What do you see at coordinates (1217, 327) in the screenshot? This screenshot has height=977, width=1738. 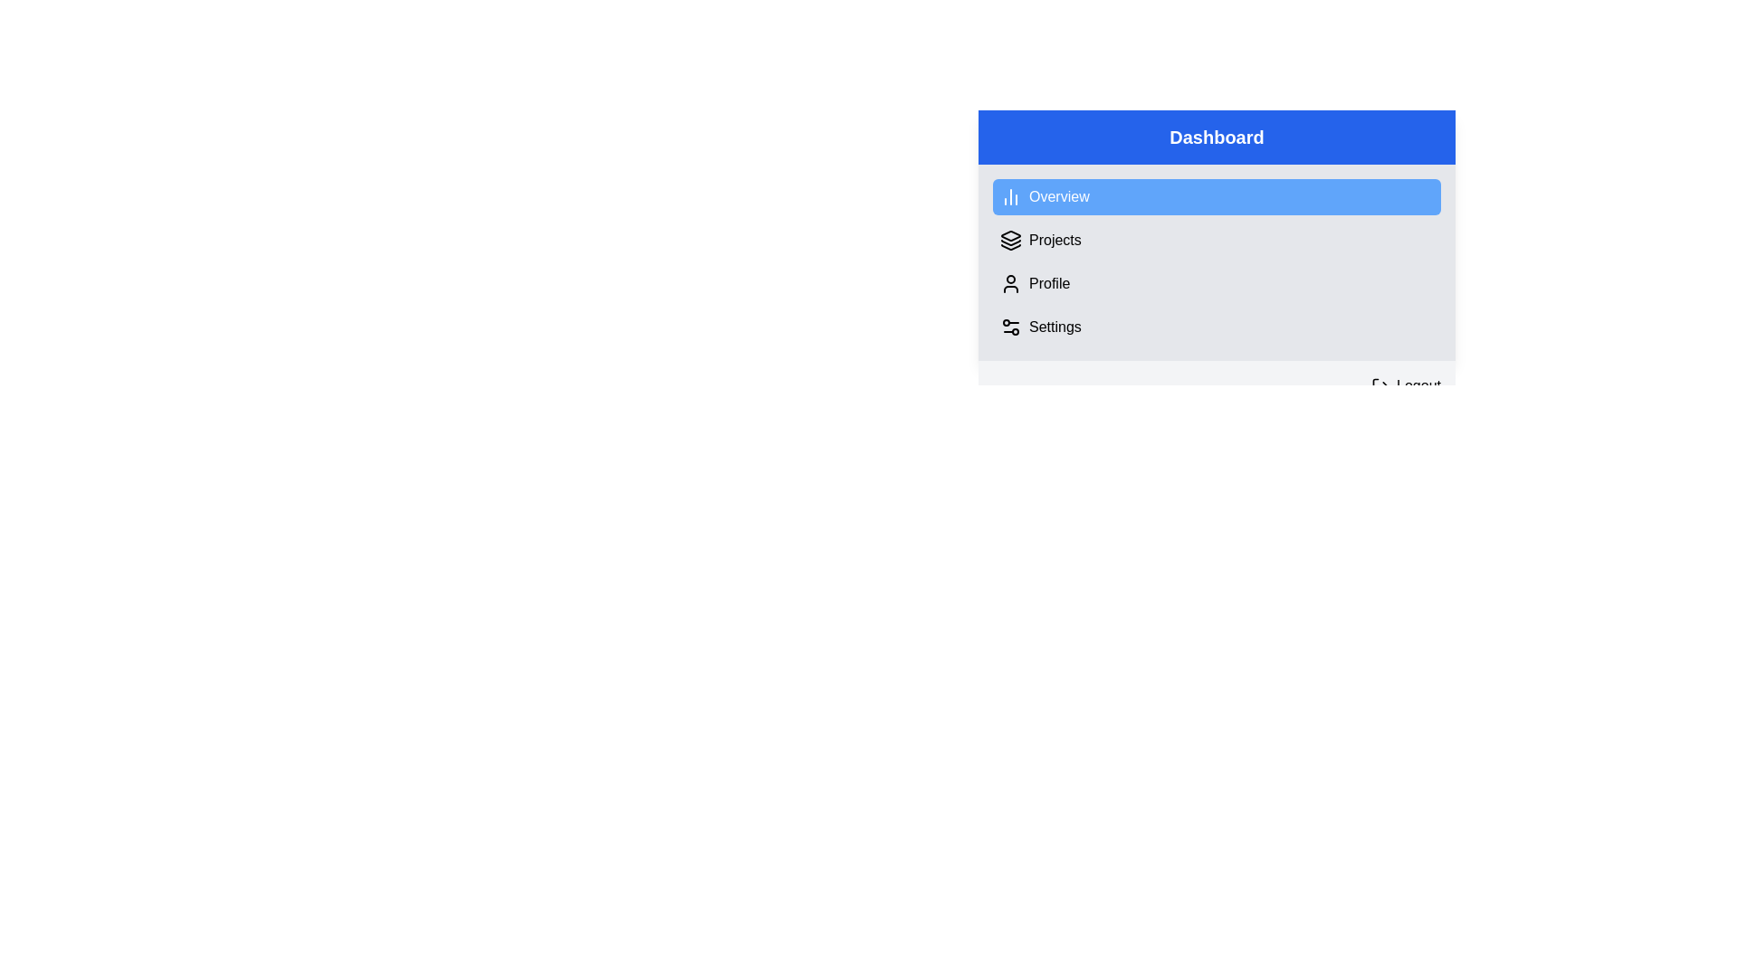 I see `the fourth menu/tab entry which directs to the settings interface` at bounding box center [1217, 327].